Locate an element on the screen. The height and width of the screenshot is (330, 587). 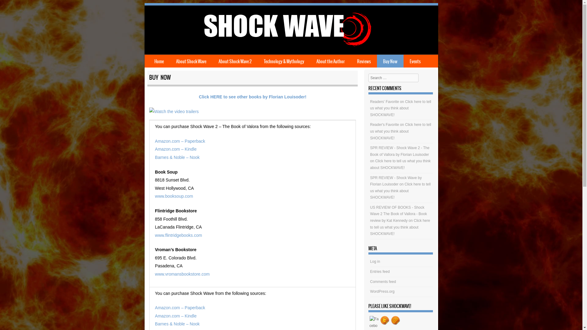
'Comments feed' is located at coordinates (383, 281).